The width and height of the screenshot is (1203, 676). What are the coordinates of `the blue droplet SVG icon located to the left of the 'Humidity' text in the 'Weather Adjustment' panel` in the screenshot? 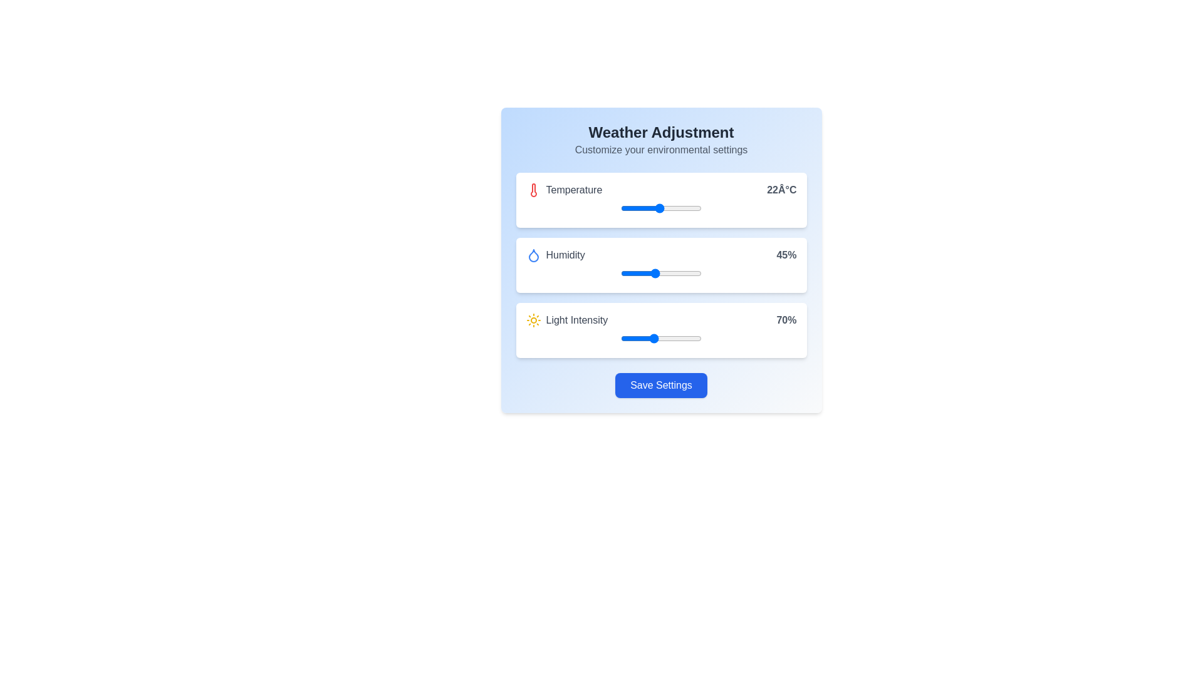 It's located at (533, 255).